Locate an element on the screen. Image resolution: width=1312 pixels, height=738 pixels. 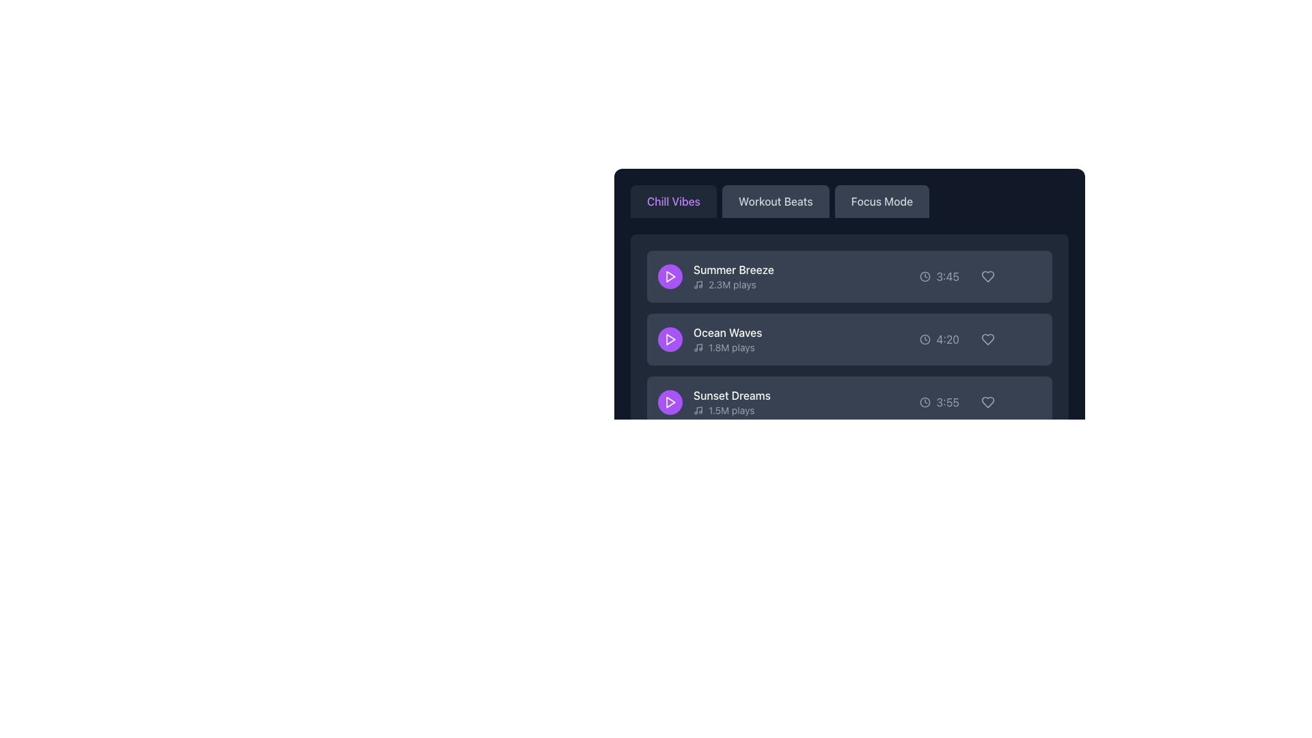
the heart icon button located in the second row of the list interface that allows users to mark items as liked or favorited, following the text display of '4:20' is located at coordinates (987, 339).